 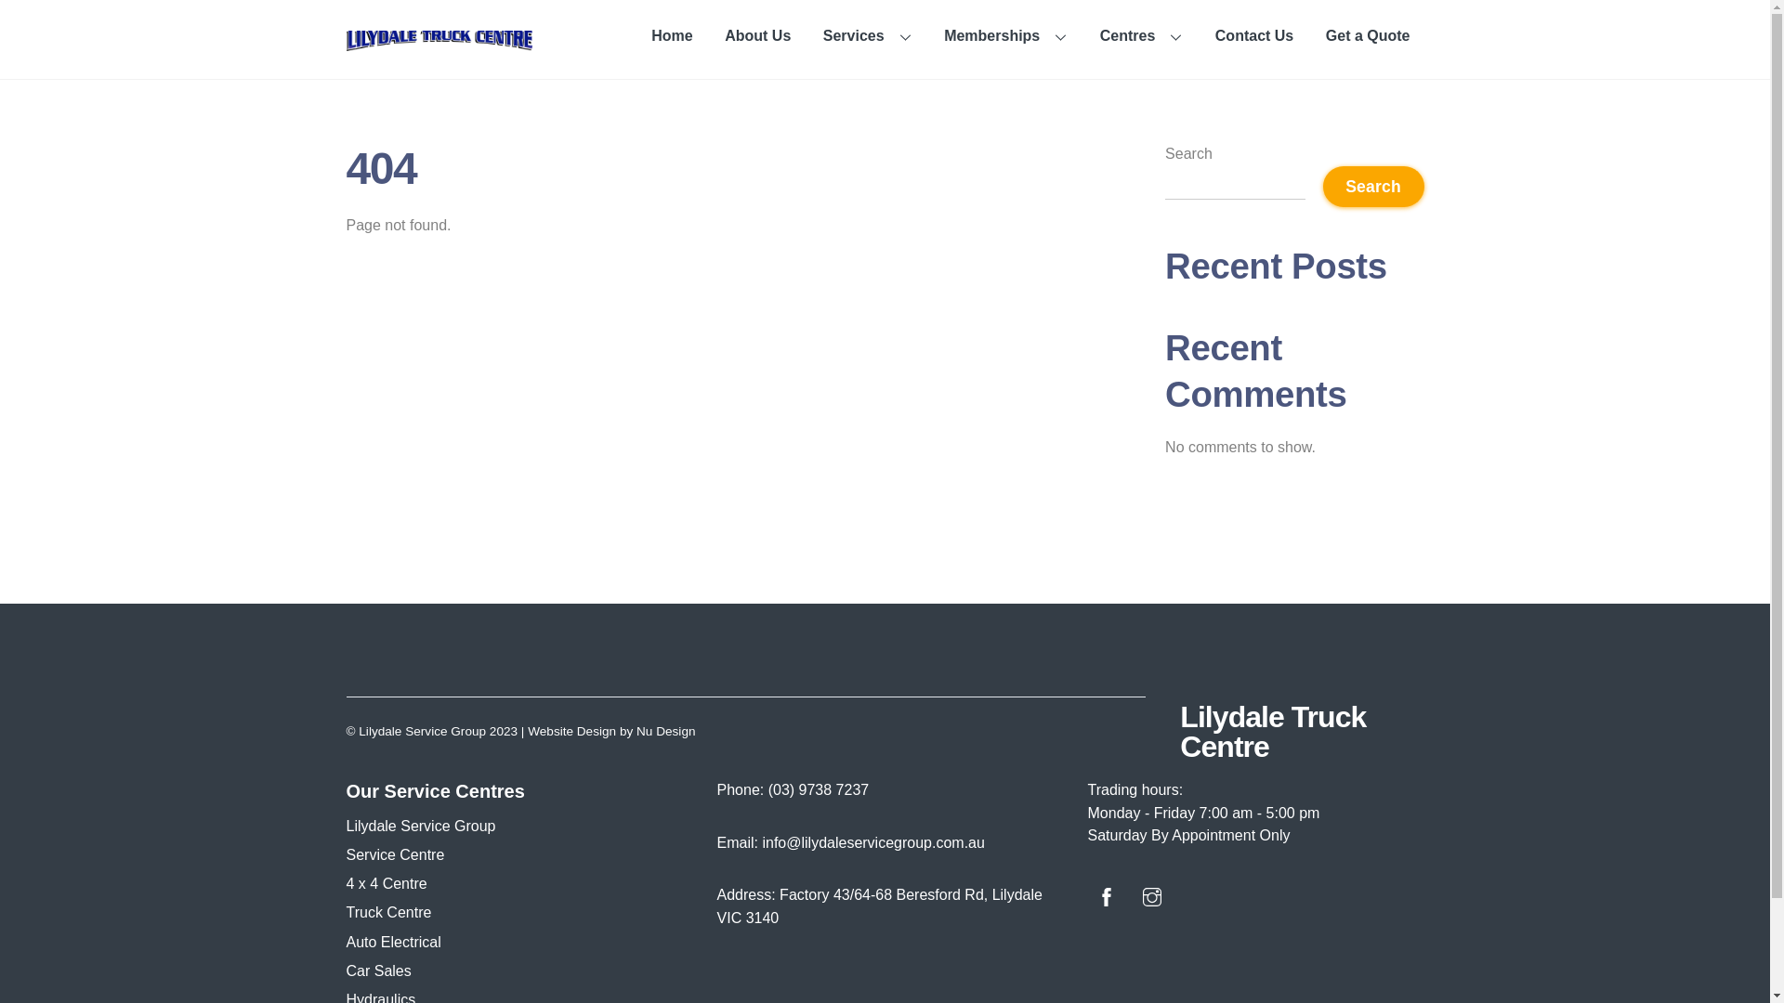 I want to click on 'Lilydale Service Group', so click(x=419, y=825).